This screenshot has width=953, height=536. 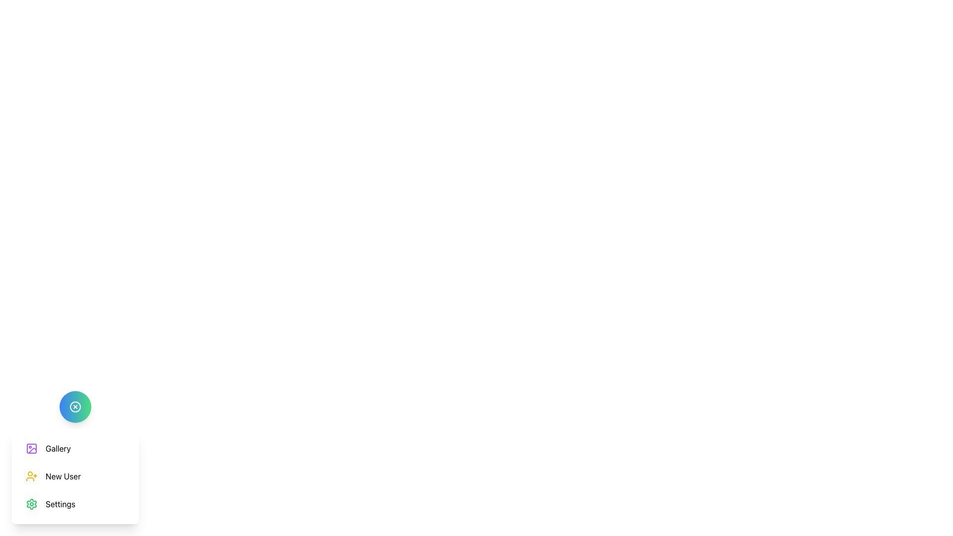 I want to click on the green cogwheel icon located to the left of the 'Settings' text in the dropdown menu, so click(x=31, y=504).